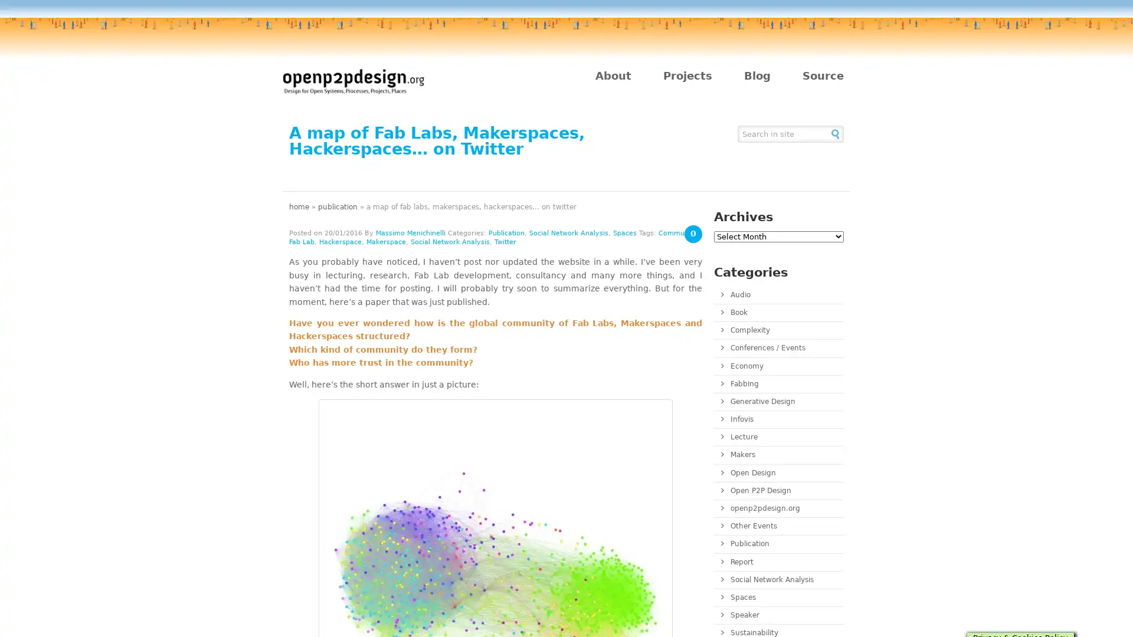  I want to click on Search, so click(835, 133).